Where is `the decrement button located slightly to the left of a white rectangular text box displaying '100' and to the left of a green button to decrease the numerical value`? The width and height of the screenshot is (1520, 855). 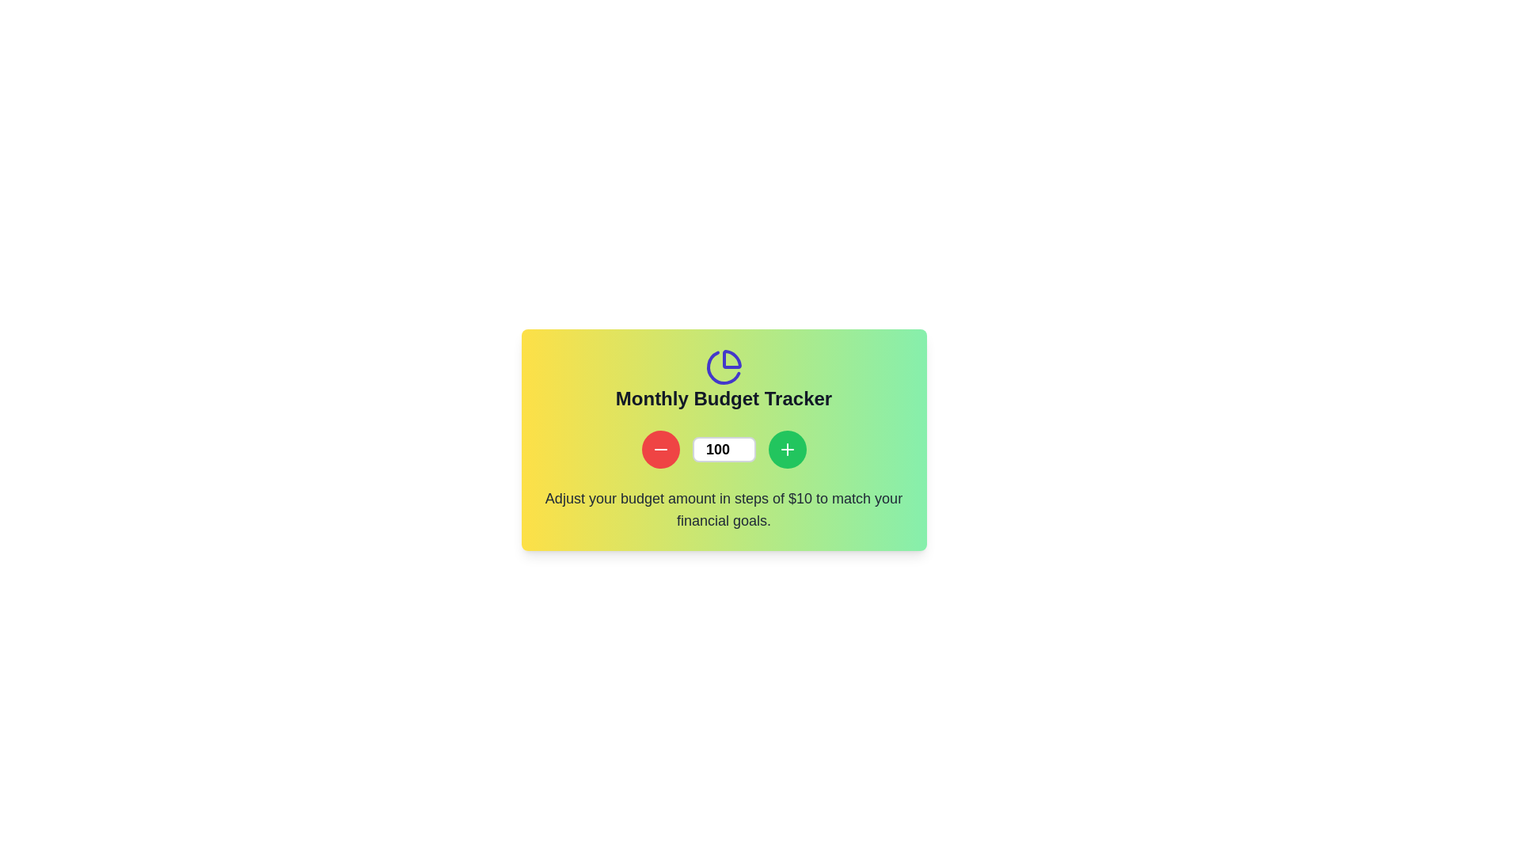 the decrement button located slightly to the left of a white rectangular text box displaying '100' and to the left of a green button to decrease the numerical value is located at coordinates (660, 449).